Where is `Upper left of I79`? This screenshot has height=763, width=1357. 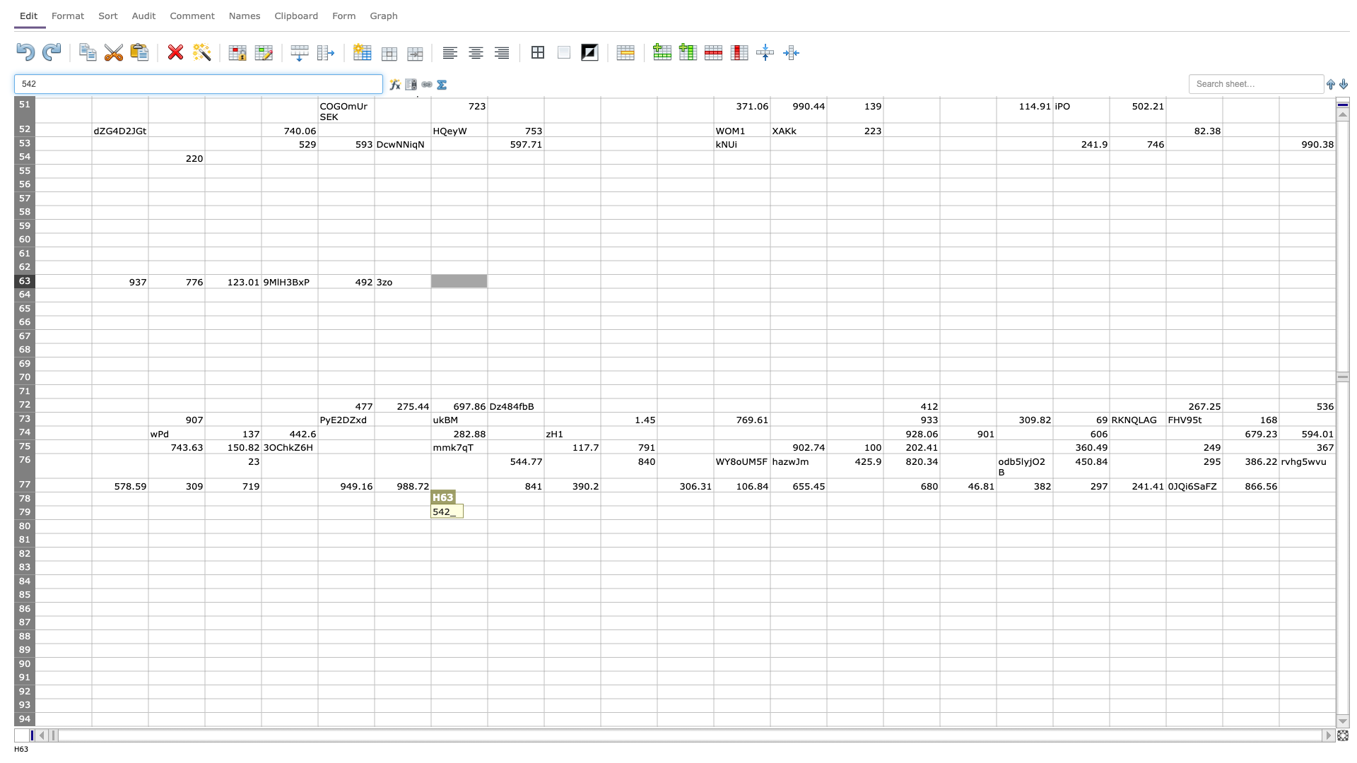
Upper left of I79 is located at coordinates (488, 505).